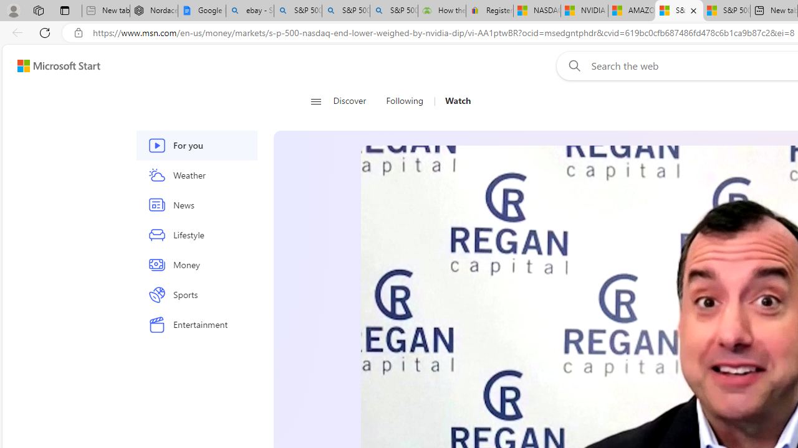 Image resolution: width=798 pixels, height=448 pixels. Describe the element at coordinates (50, 65) in the screenshot. I see `'Skip to footer'` at that location.